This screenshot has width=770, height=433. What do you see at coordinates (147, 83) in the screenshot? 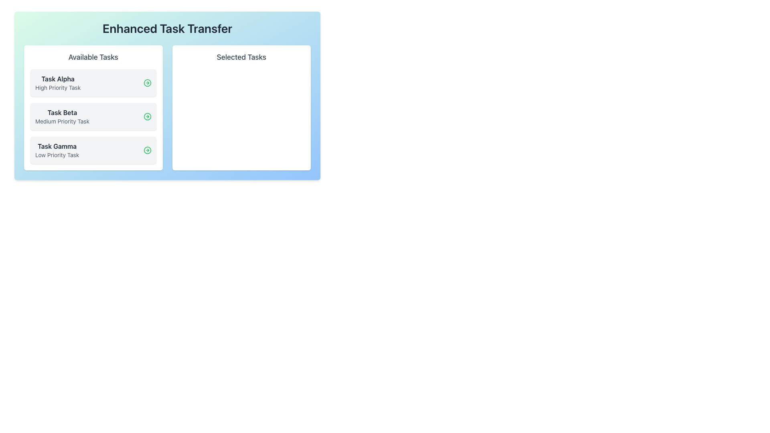
I see `the circular green outlined button with an arrow symbol associated with 'Task Alpha'` at bounding box center [147, 83].